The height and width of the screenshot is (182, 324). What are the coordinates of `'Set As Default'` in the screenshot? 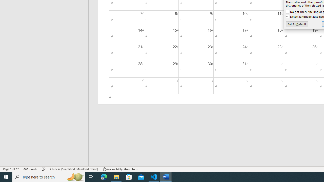 It's located at (297, 24).